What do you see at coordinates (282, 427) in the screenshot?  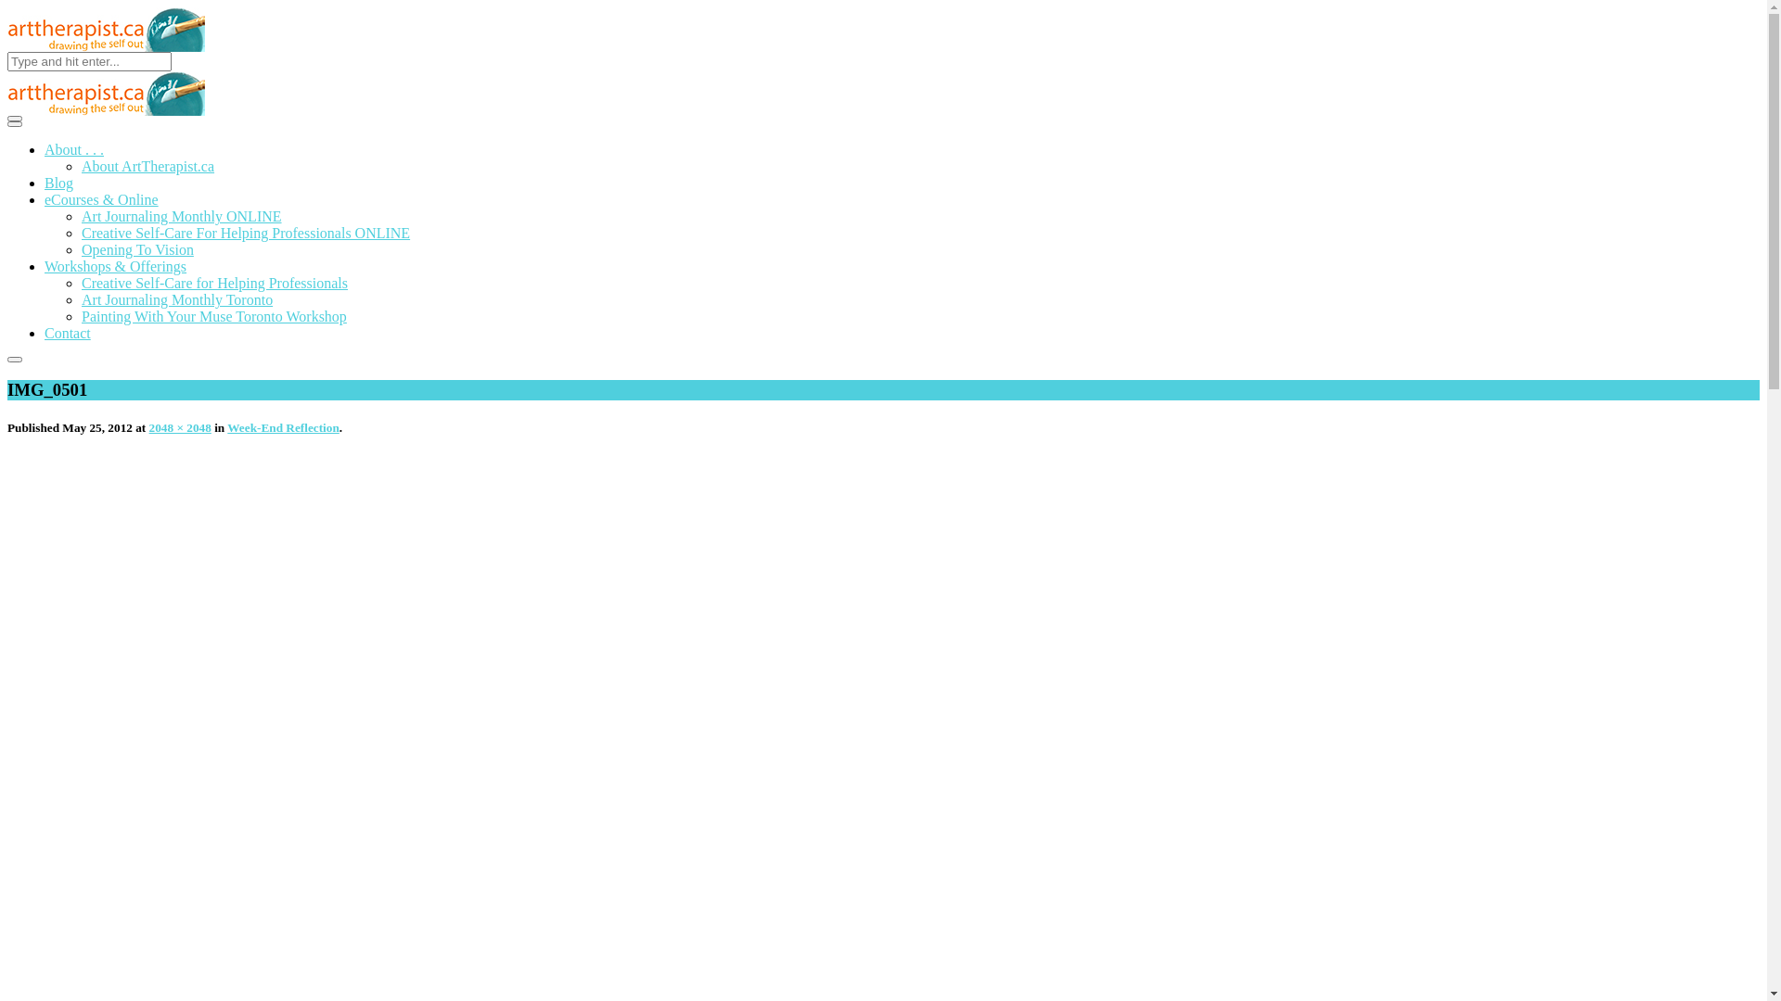 I see `'Week-End Reflection'` at bounding box center [282, 427].